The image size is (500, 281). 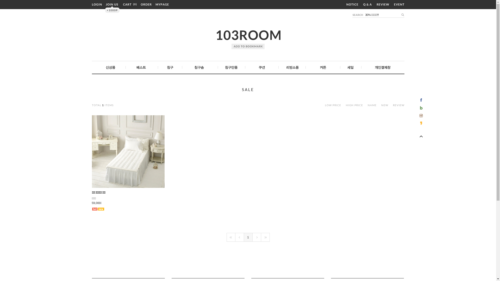 I want to click on '1', so click(x=247, y=237).